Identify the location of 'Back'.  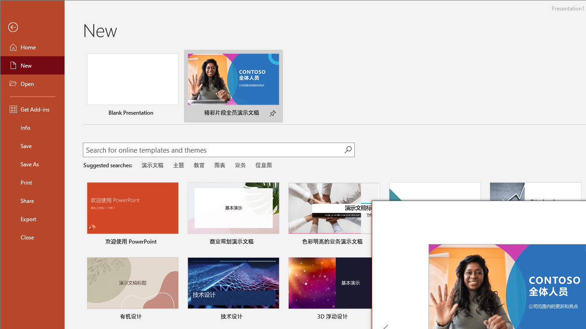
(33, 27).